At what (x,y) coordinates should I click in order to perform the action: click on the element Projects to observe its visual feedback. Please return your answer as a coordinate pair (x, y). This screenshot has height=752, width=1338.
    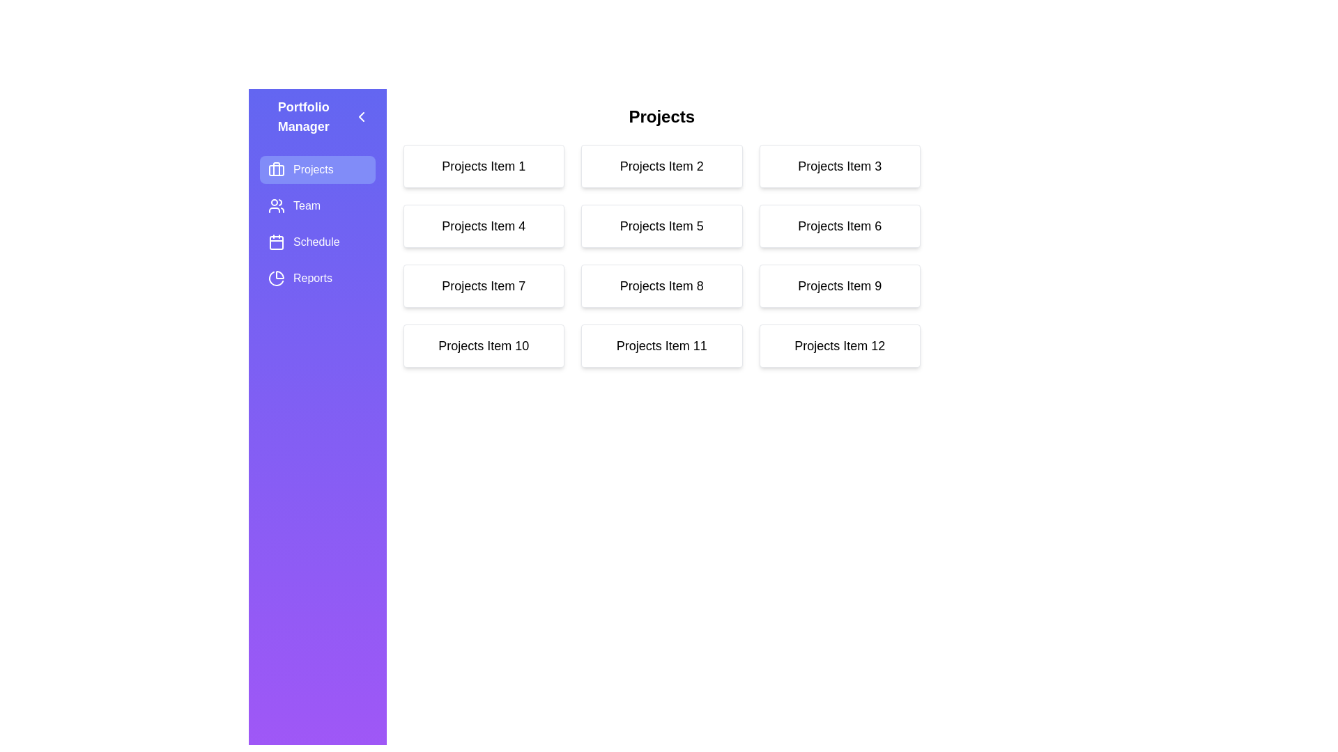
    Looking at the image, I should click on (316, 169).